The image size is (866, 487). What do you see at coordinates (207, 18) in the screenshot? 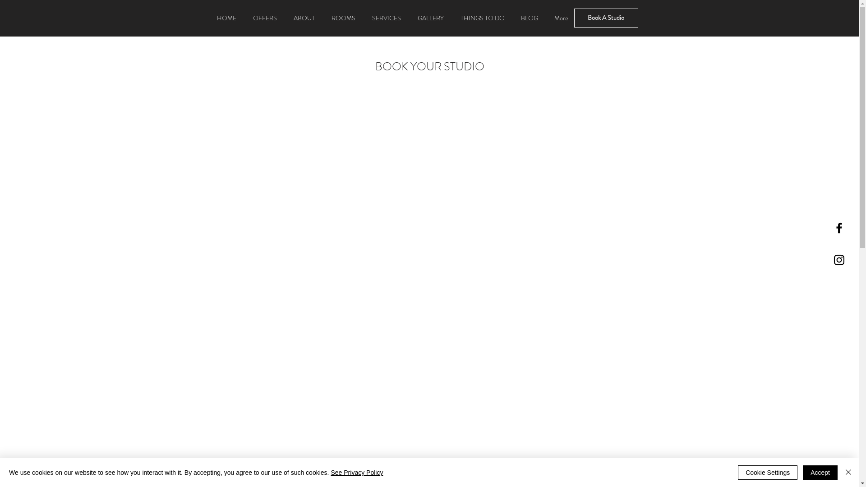
I see `'HOME'` at bounding box center [207, 18].